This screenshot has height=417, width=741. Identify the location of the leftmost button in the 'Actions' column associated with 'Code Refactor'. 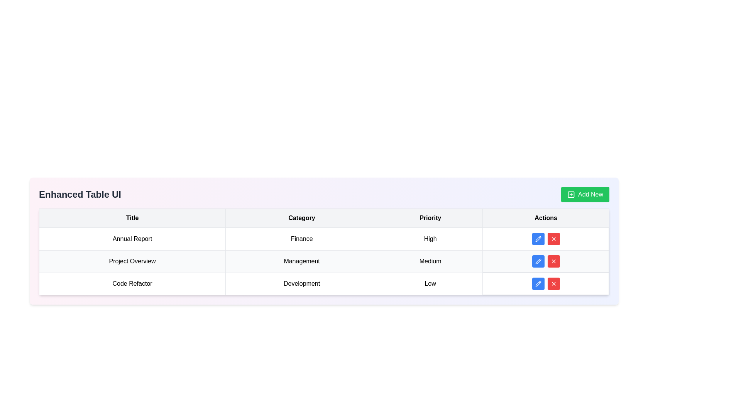
(538, 284).